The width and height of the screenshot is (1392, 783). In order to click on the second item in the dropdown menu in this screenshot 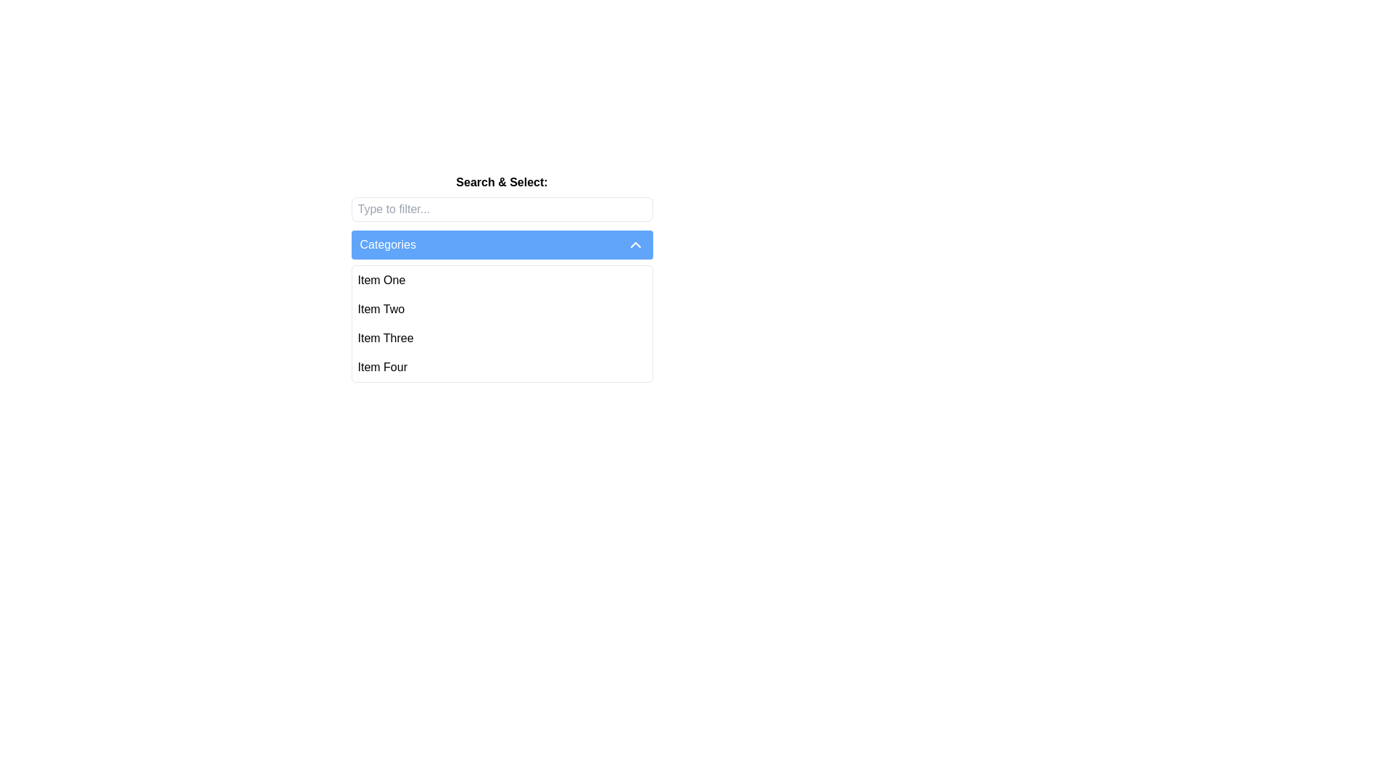, I will do `click(502, 309)`.